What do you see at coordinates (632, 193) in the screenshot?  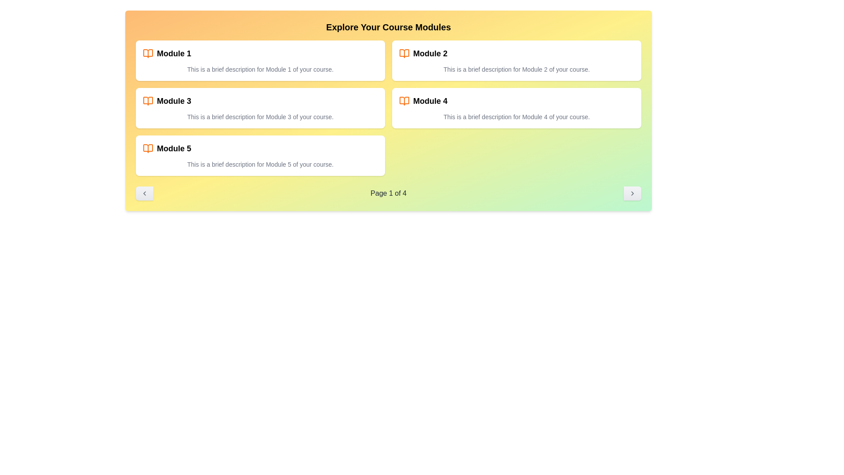 I see `the rightmost button in the pagination control group` at bounding box center [632, 193].